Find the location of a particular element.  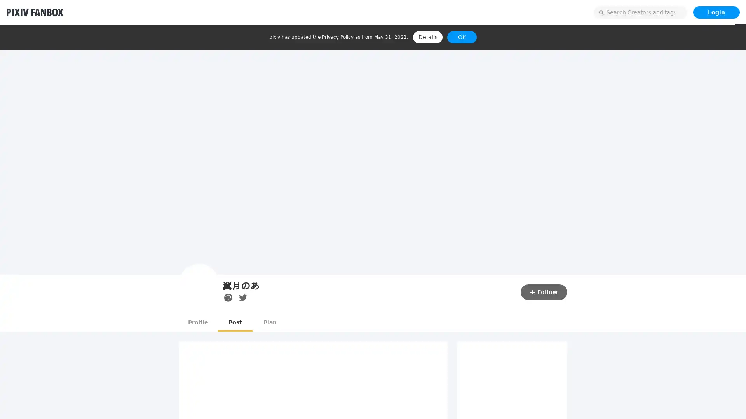

Follow is located at coordinates (544, 292).